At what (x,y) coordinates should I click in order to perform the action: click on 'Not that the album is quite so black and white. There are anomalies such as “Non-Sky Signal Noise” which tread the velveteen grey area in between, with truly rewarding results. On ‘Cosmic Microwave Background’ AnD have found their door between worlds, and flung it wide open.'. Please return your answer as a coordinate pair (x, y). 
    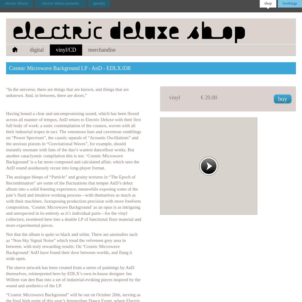
    Looking at the image, I should click on (71, 246).